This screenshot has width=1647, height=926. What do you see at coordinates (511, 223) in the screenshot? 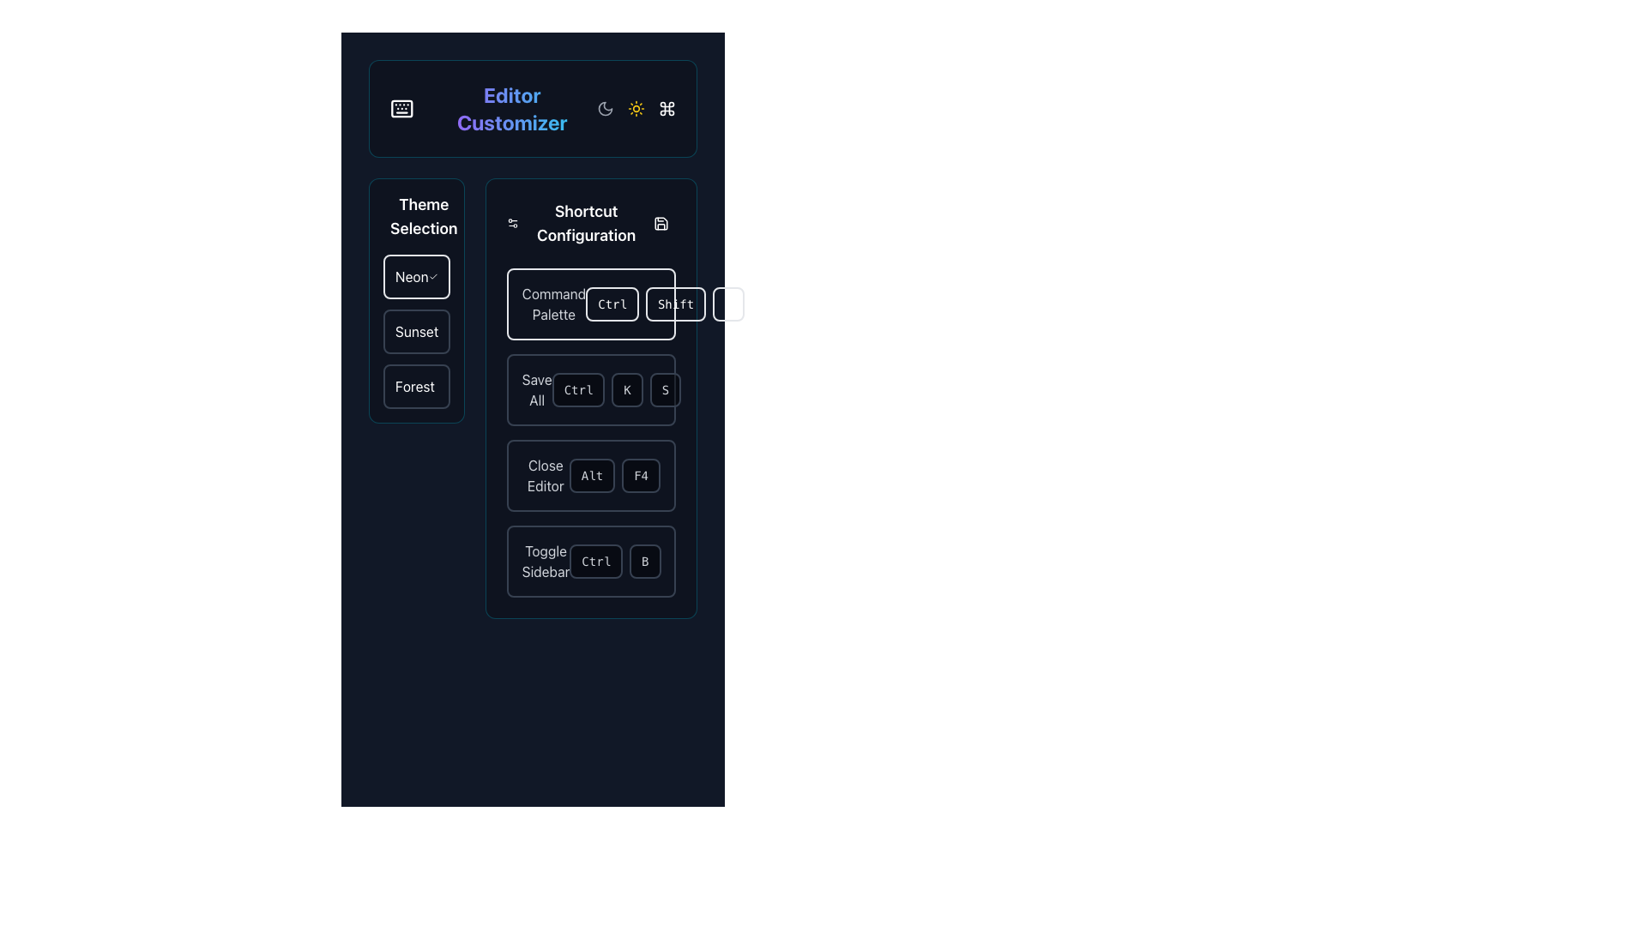
I see `the cyan gear-like icon located in the 'Shortcut Configuration' section` at bounding box center [511, 223].